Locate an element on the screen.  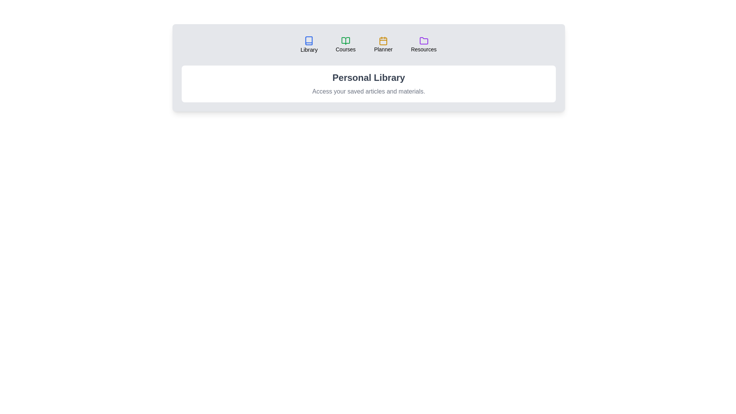
the tab labeled Courses by clicking on it is located at coordinates (345, 44).